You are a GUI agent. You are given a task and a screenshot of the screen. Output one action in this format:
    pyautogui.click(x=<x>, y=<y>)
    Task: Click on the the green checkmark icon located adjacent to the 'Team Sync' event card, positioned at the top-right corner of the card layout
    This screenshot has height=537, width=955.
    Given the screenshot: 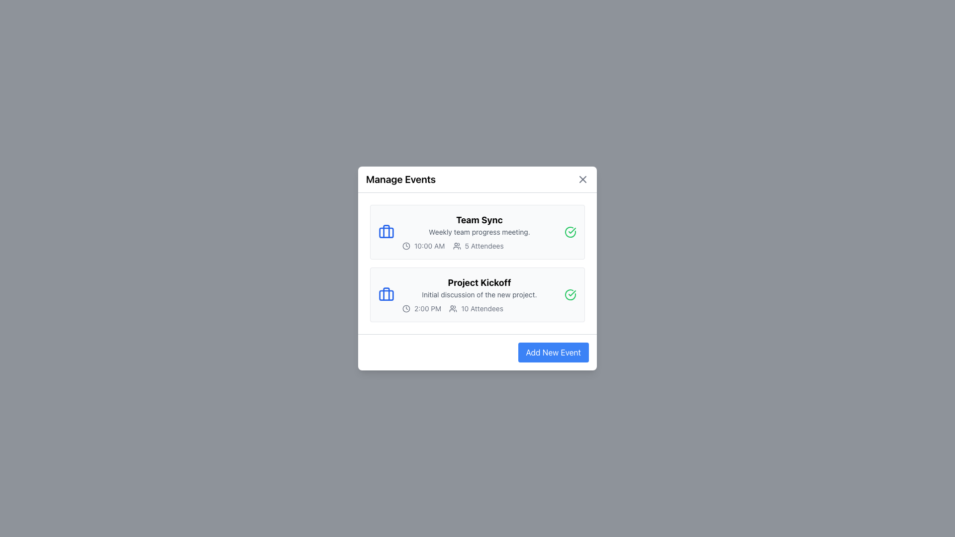 What is the action you would take?
    pyautogui.click(x=572, y=293)
    